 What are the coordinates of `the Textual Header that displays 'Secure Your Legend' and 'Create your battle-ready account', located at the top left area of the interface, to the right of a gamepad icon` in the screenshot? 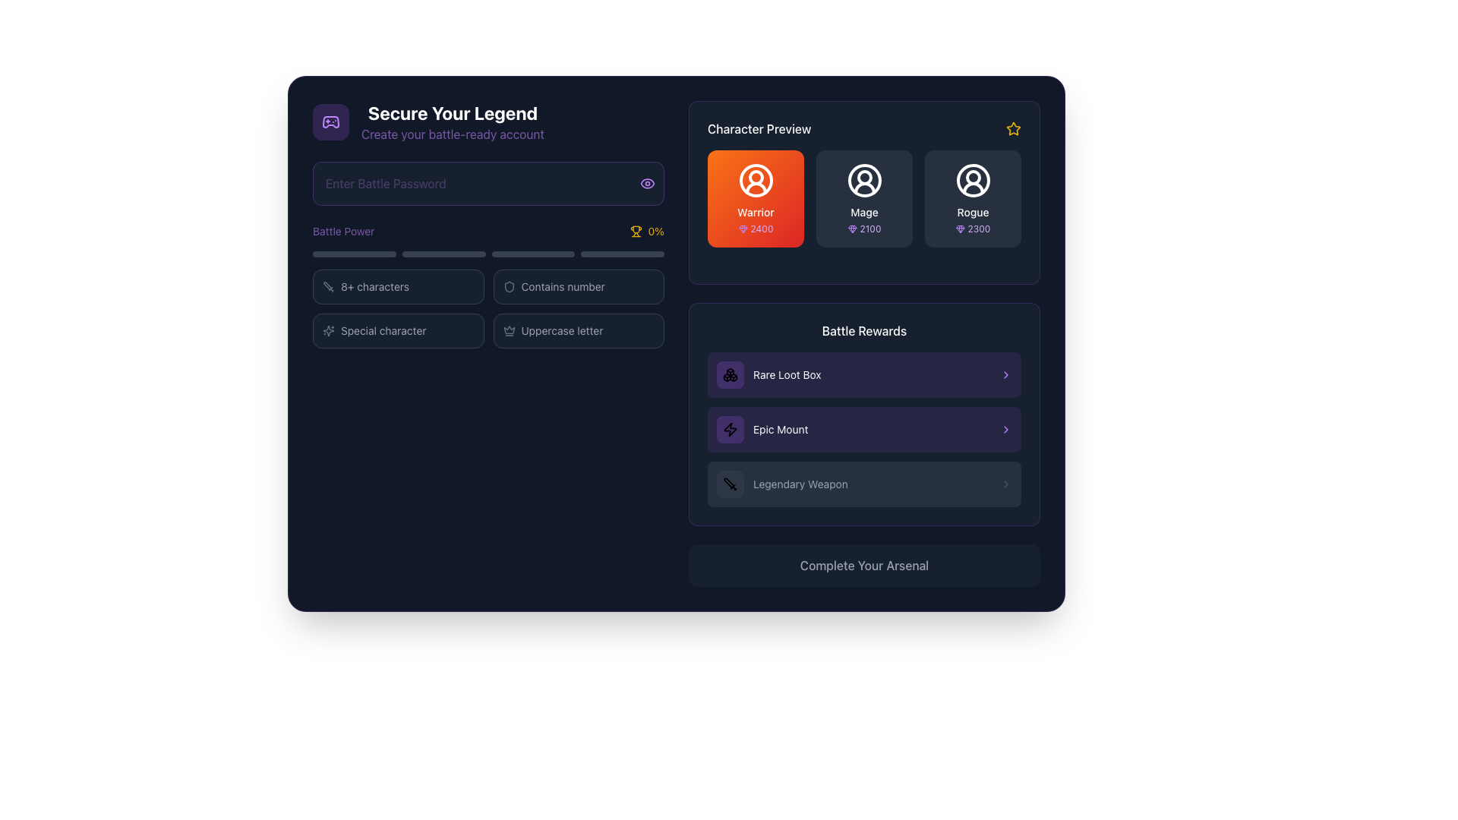 It's located at (452, 121).